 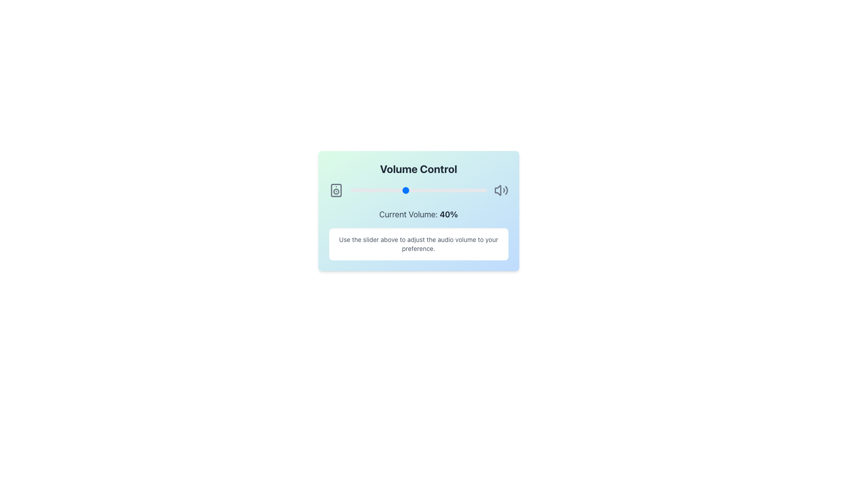 What do you see at coordinates (418, 214) in the screenshot?
I see `the Text Display element that shows the current volume percentage, which reads 'Current Volume: 40%' and is styled in a large gray font, located in the middle of the card component, just below the volume slider` at bounding box center [418, 214].